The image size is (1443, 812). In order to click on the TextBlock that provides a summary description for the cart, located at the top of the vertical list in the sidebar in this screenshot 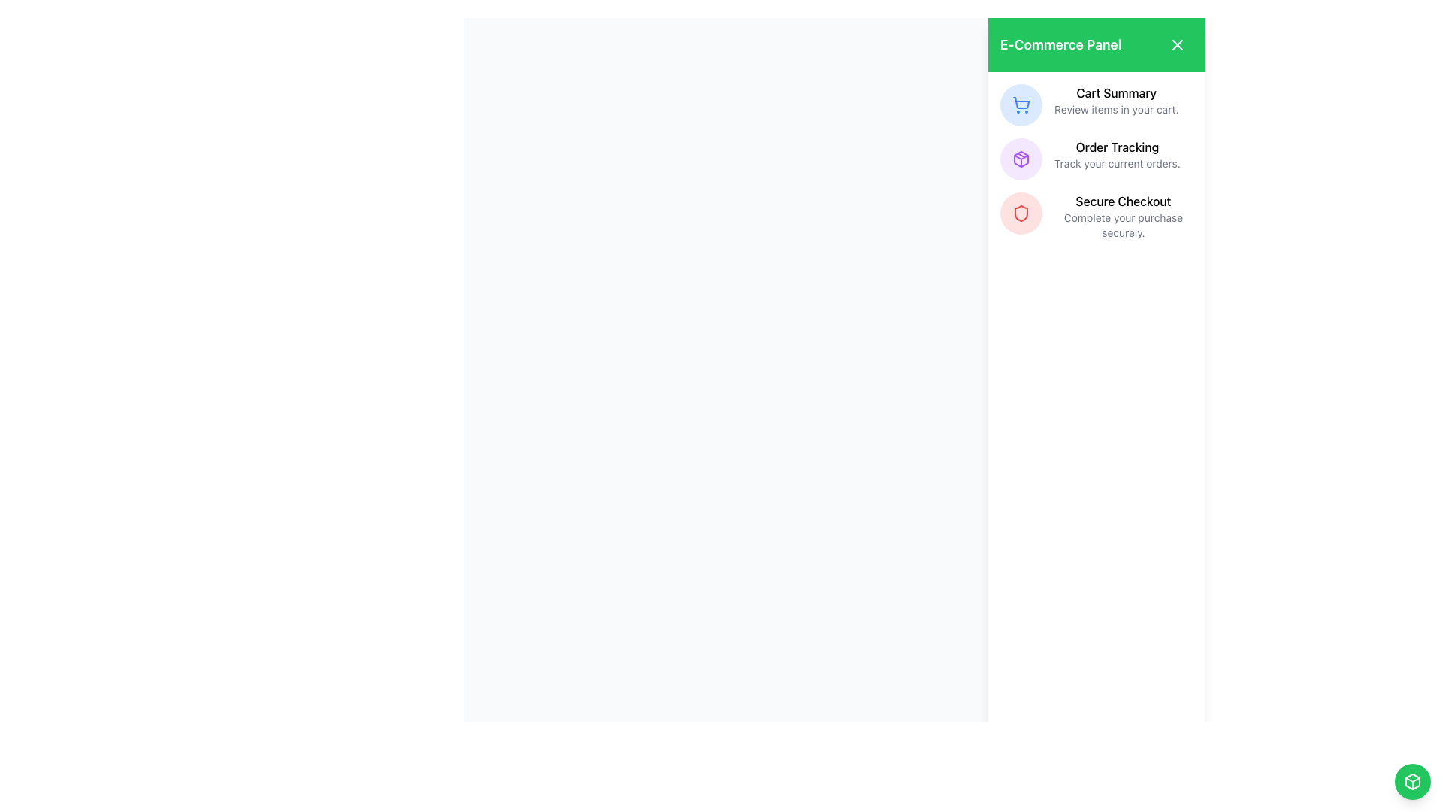, I will do `click(1116, 101)`.